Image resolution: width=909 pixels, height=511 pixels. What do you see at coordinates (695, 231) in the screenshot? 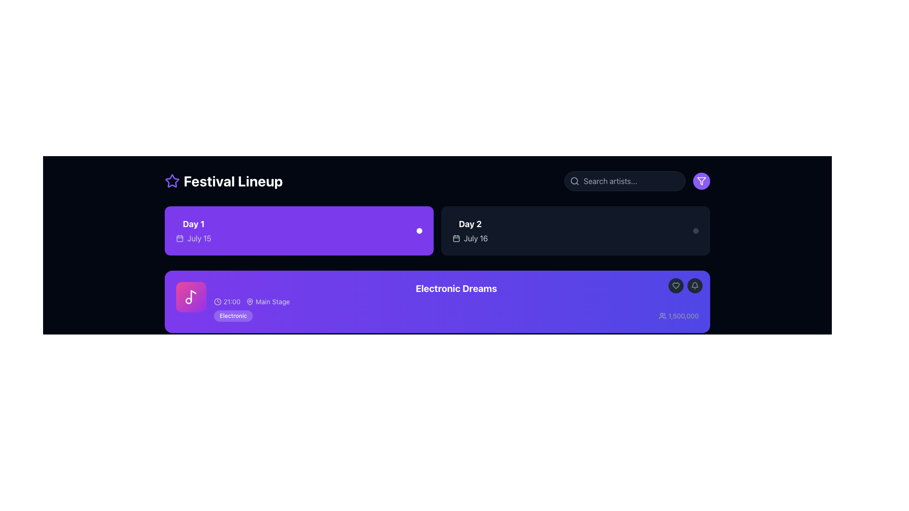
I see `the small gray filled circle indicator located on the far-right side of the 'Day 2 - July 16' section` at bounding box center [695, 231].